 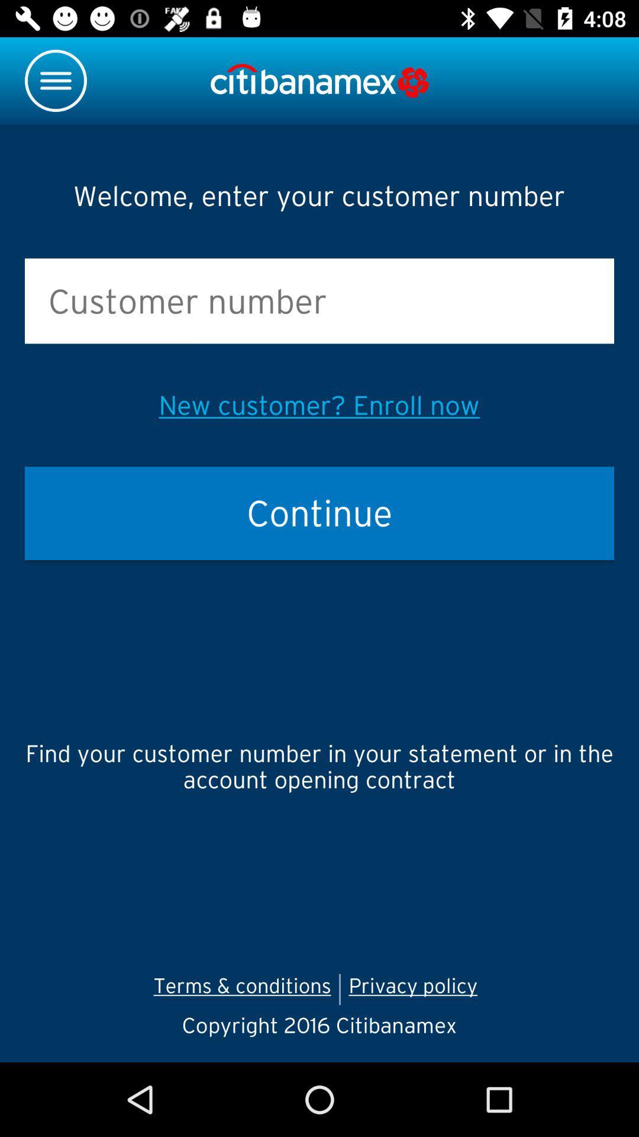 I want to click on continue item, so click(x=319, y=513).